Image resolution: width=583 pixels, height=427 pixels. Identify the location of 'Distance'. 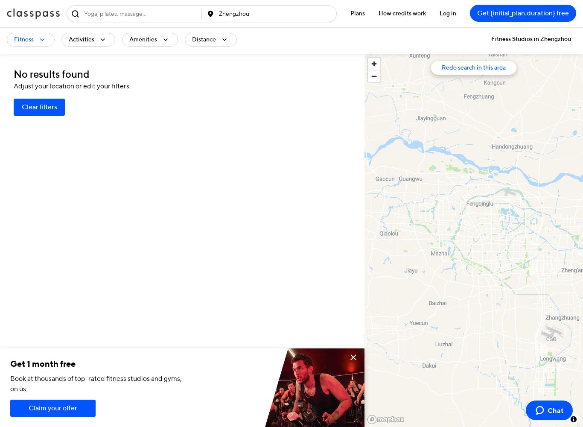
(204, 39).